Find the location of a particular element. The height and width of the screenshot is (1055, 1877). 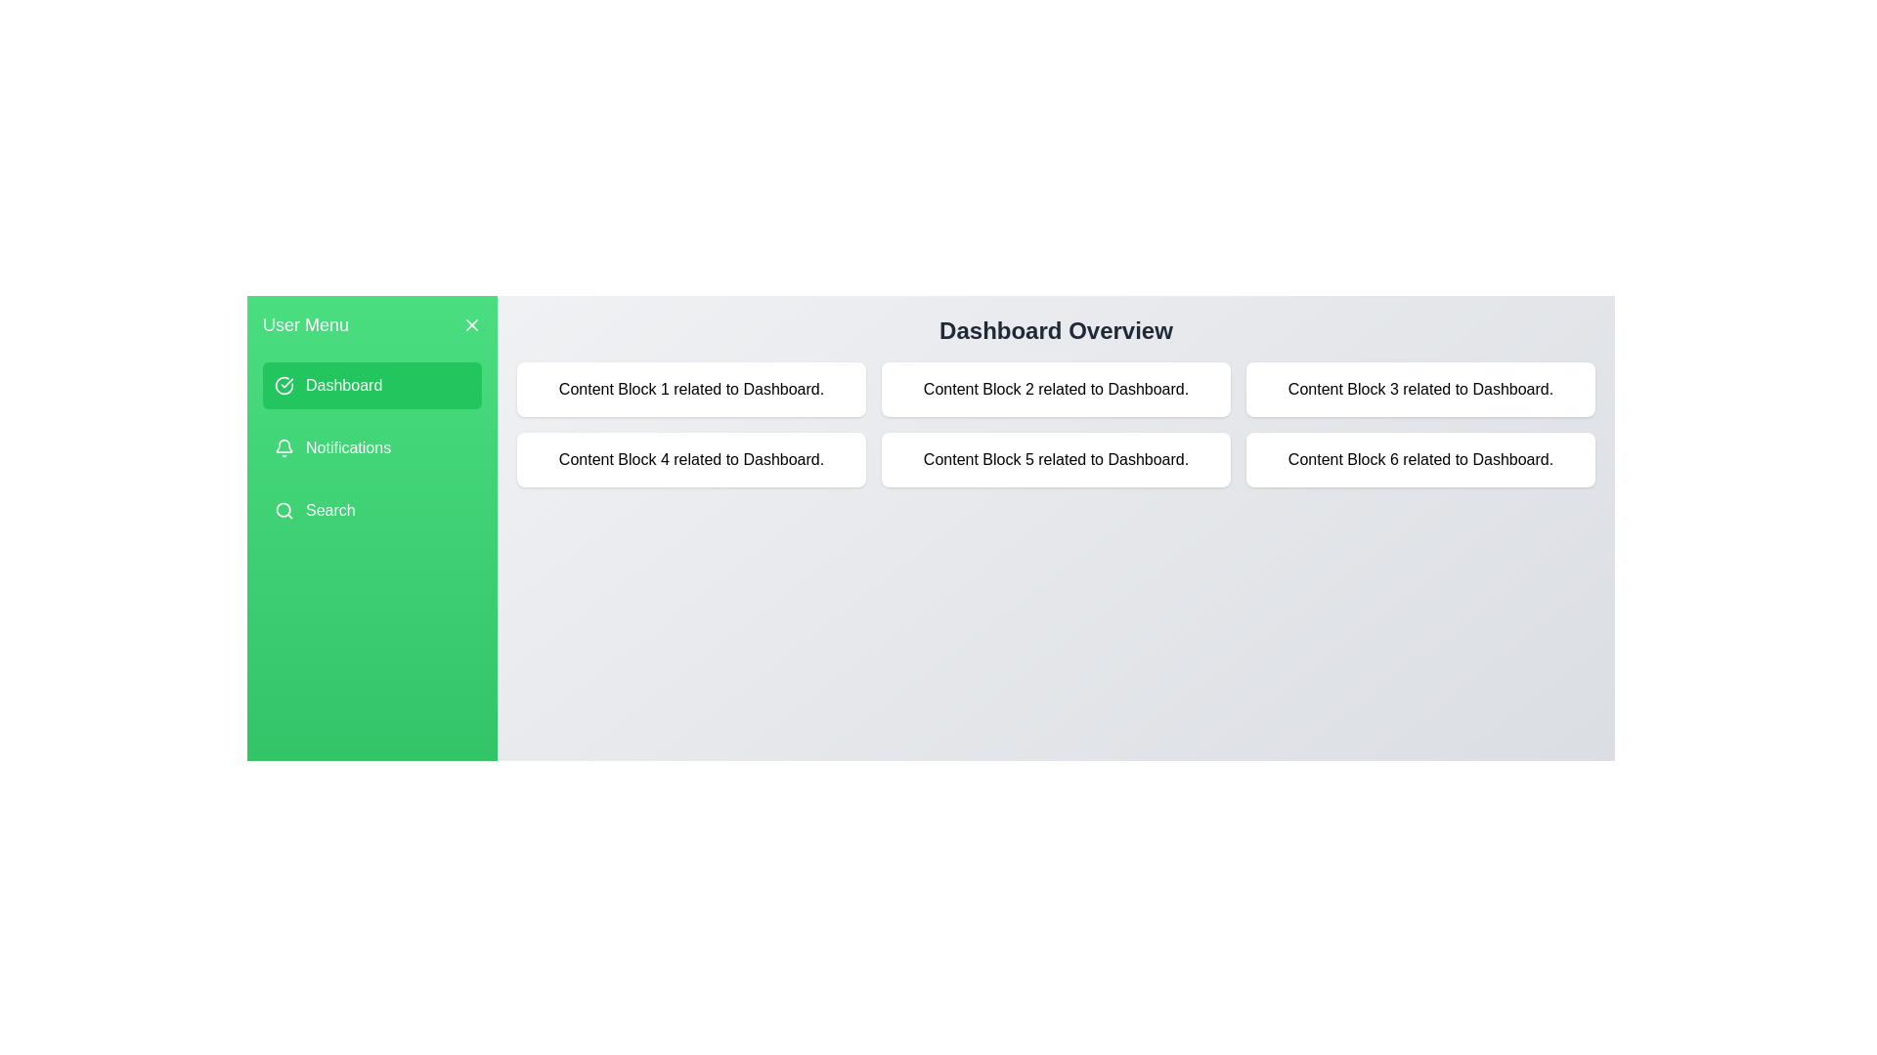

the menu item Notifications to view its related content is located at coordinates (371, 448).